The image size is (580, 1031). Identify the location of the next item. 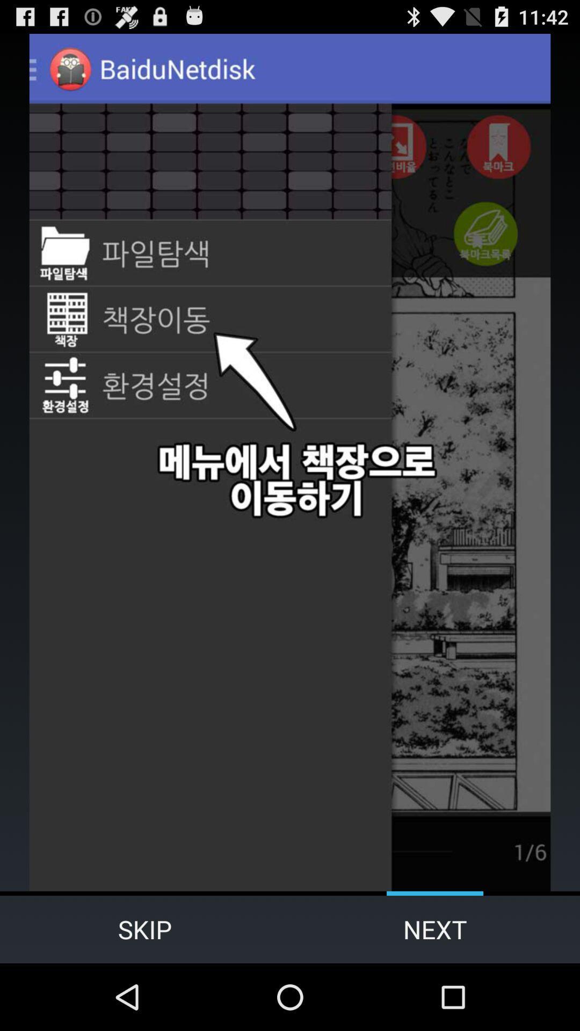
(435, 929).